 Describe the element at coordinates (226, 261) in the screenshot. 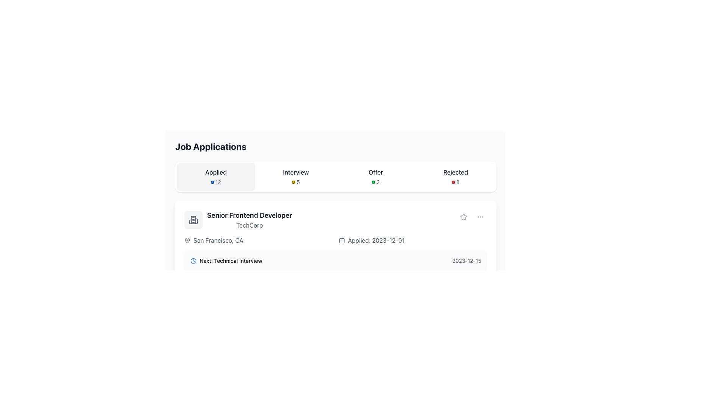

I see `informational label indicating the next step in the job application process for the 'Senior Frontend Developer' position, which is a 'Technical Interview.'` at that location.